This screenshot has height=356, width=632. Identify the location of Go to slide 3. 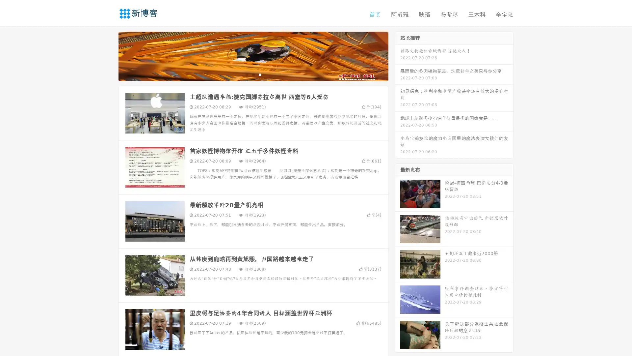
(260, 74).